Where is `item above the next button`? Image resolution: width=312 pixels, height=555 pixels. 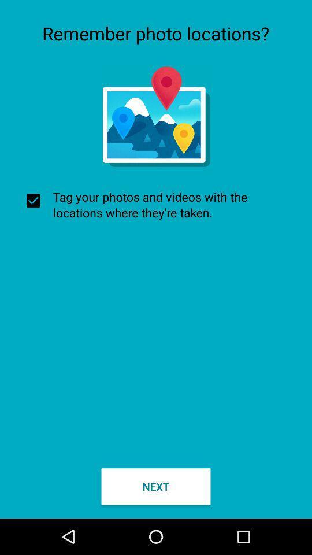
item above the next button is located at coordinates (156, 205).